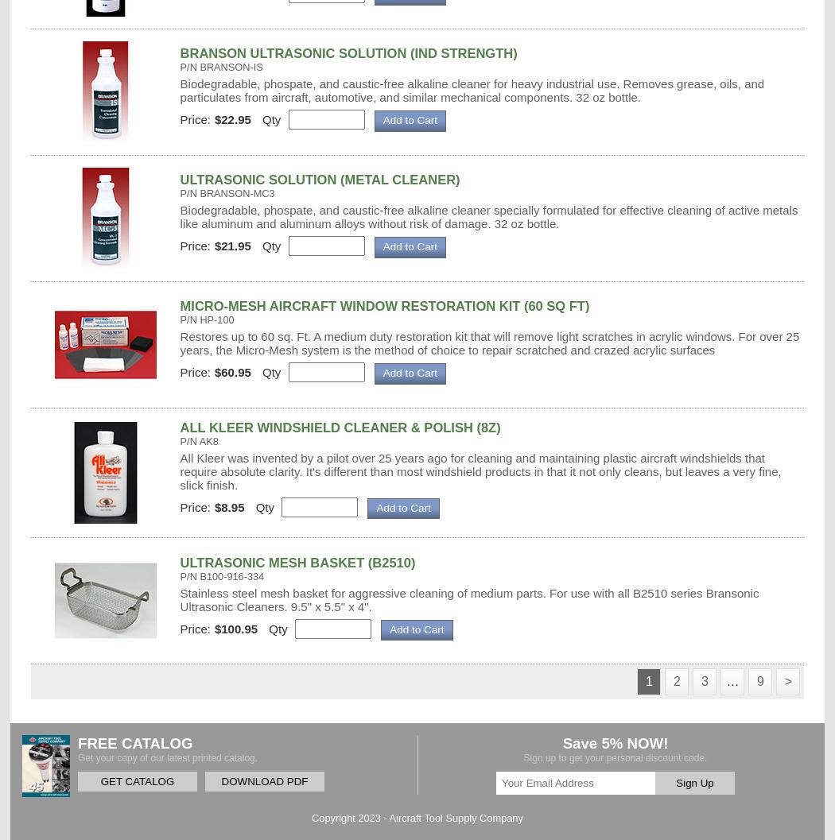  I want to click on '$60.95', so click(231, 372).